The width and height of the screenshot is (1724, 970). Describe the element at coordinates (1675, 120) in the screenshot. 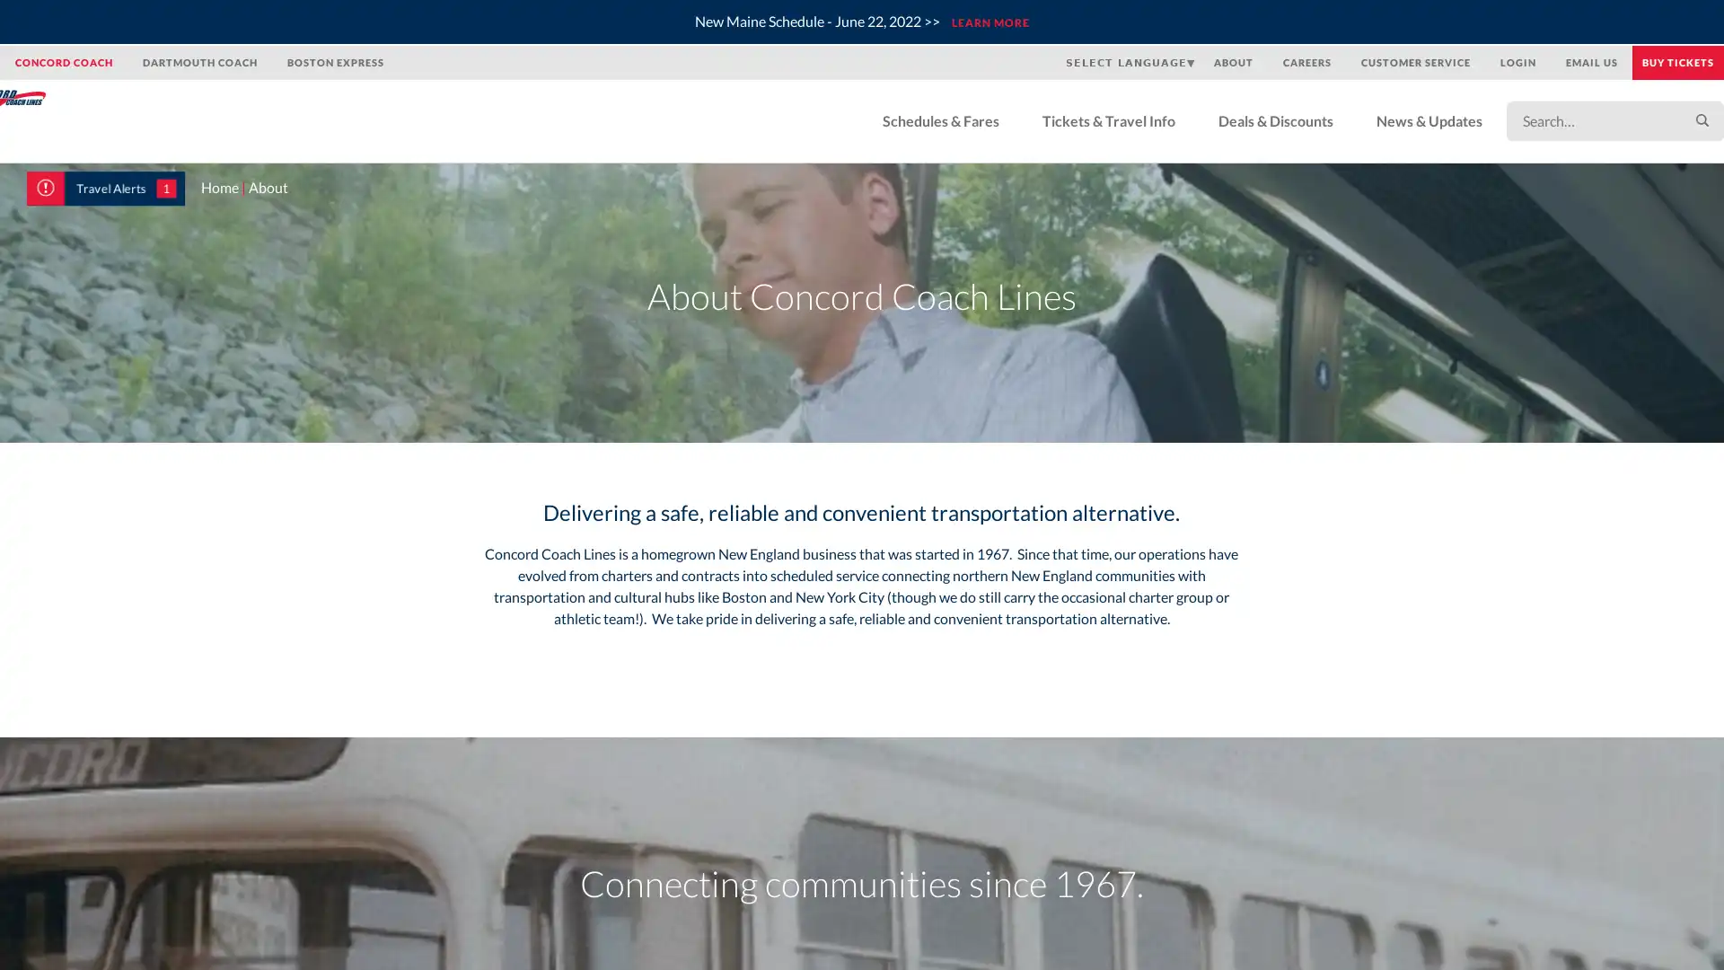

I see `Search` at that location.